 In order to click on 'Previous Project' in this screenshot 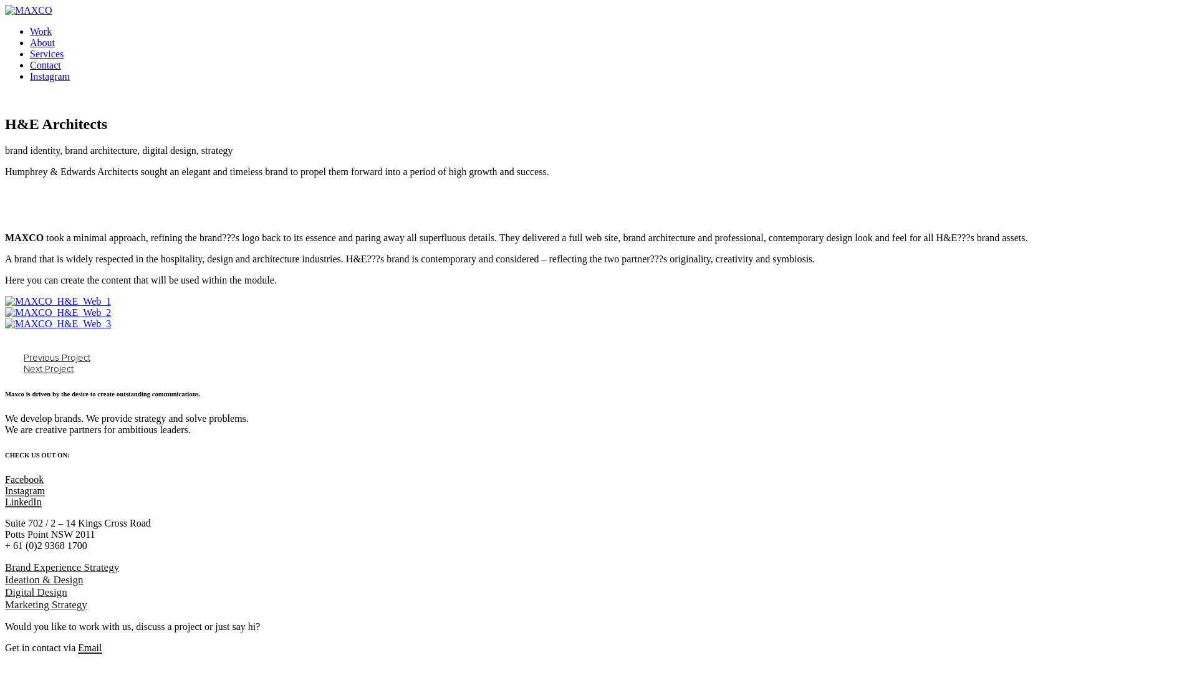, I will do `click(56, 358)`.